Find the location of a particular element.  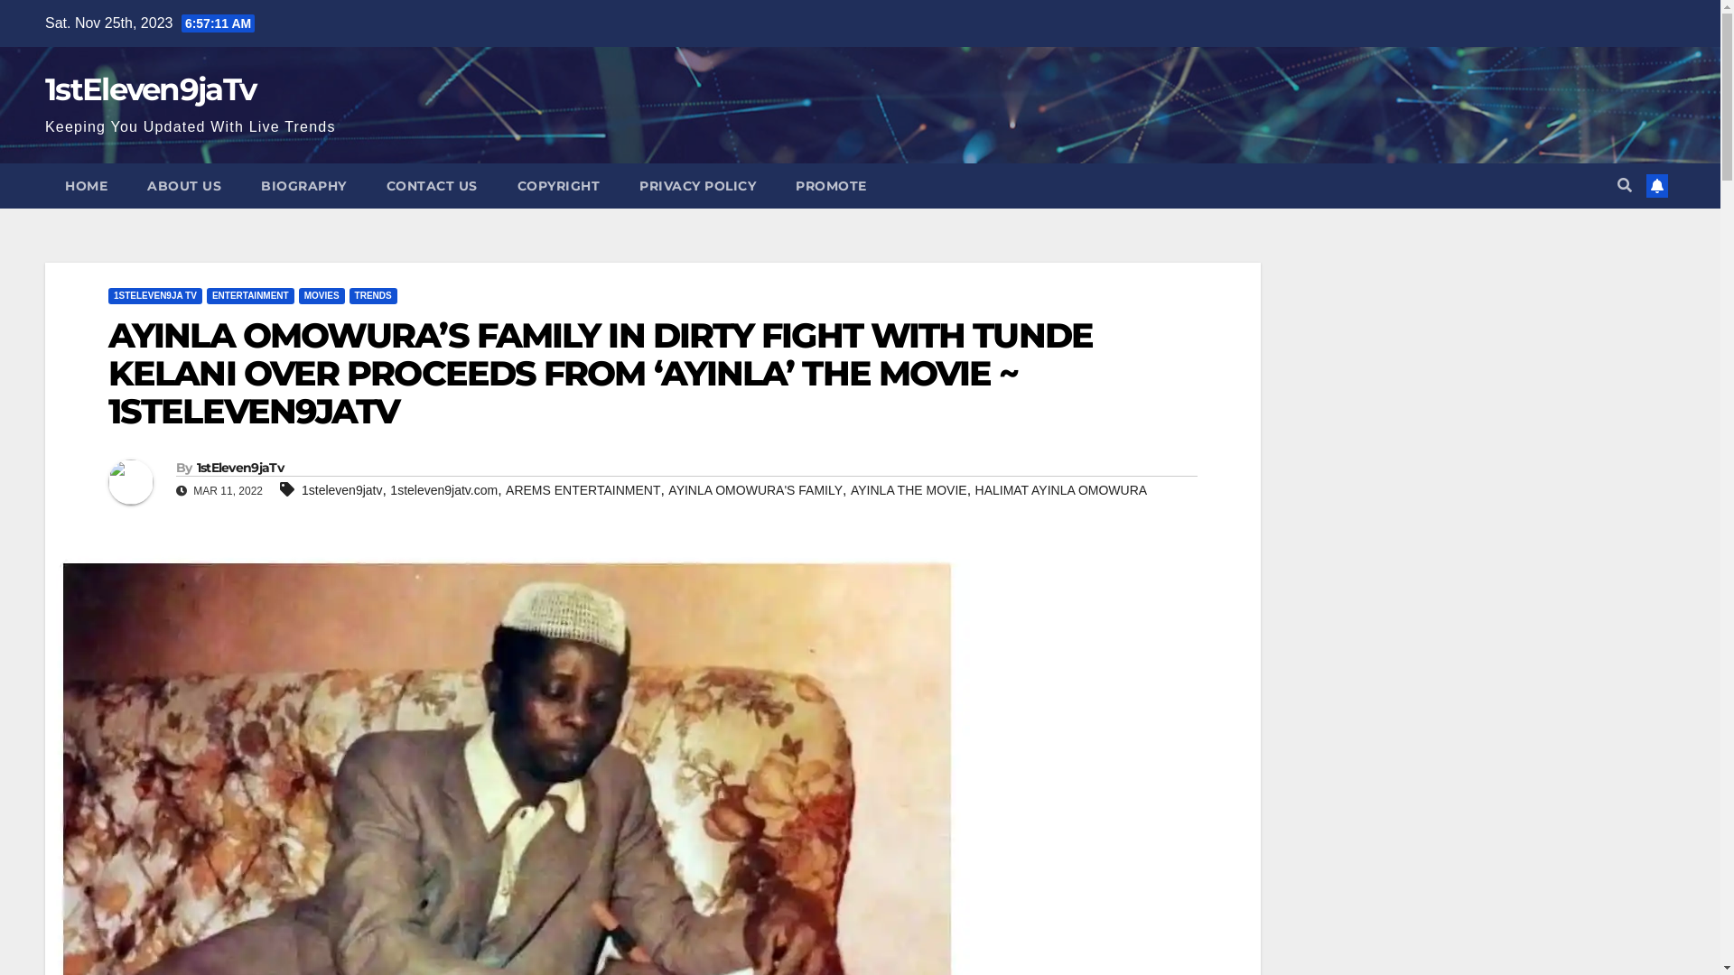

'AYINLA THE MOVIE' is located at coordinates (909, 490).